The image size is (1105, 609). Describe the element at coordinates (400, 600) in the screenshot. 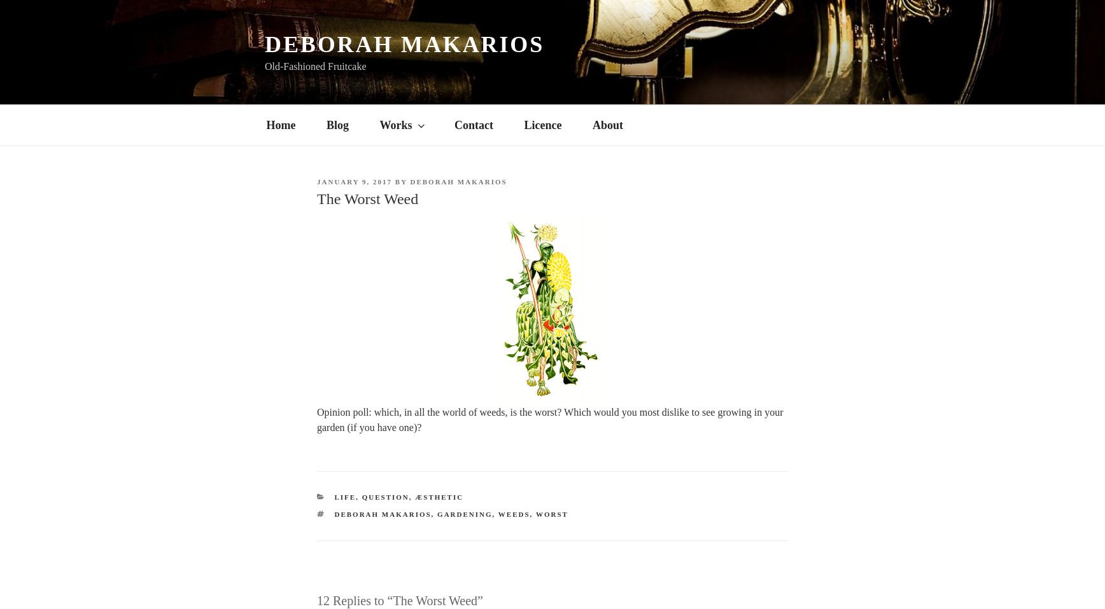

I see `'12 Replies to “The Worst Weed”'` at that location.